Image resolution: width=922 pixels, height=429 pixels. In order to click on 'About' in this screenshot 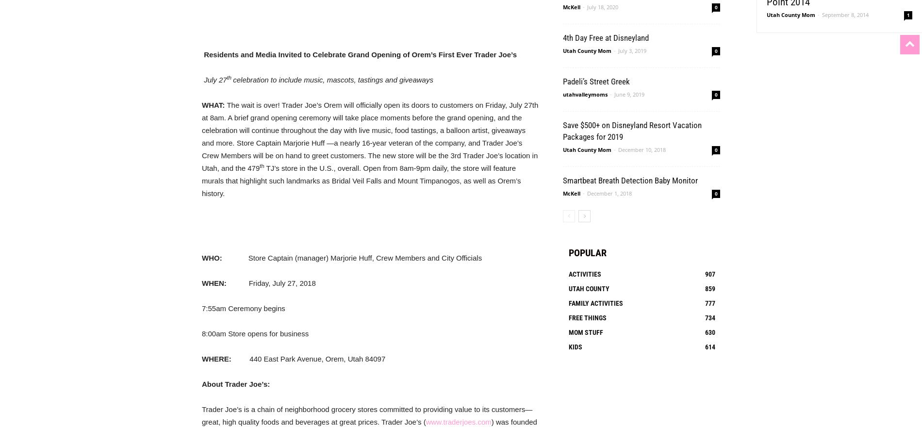, I will do `click(201, 383)`.